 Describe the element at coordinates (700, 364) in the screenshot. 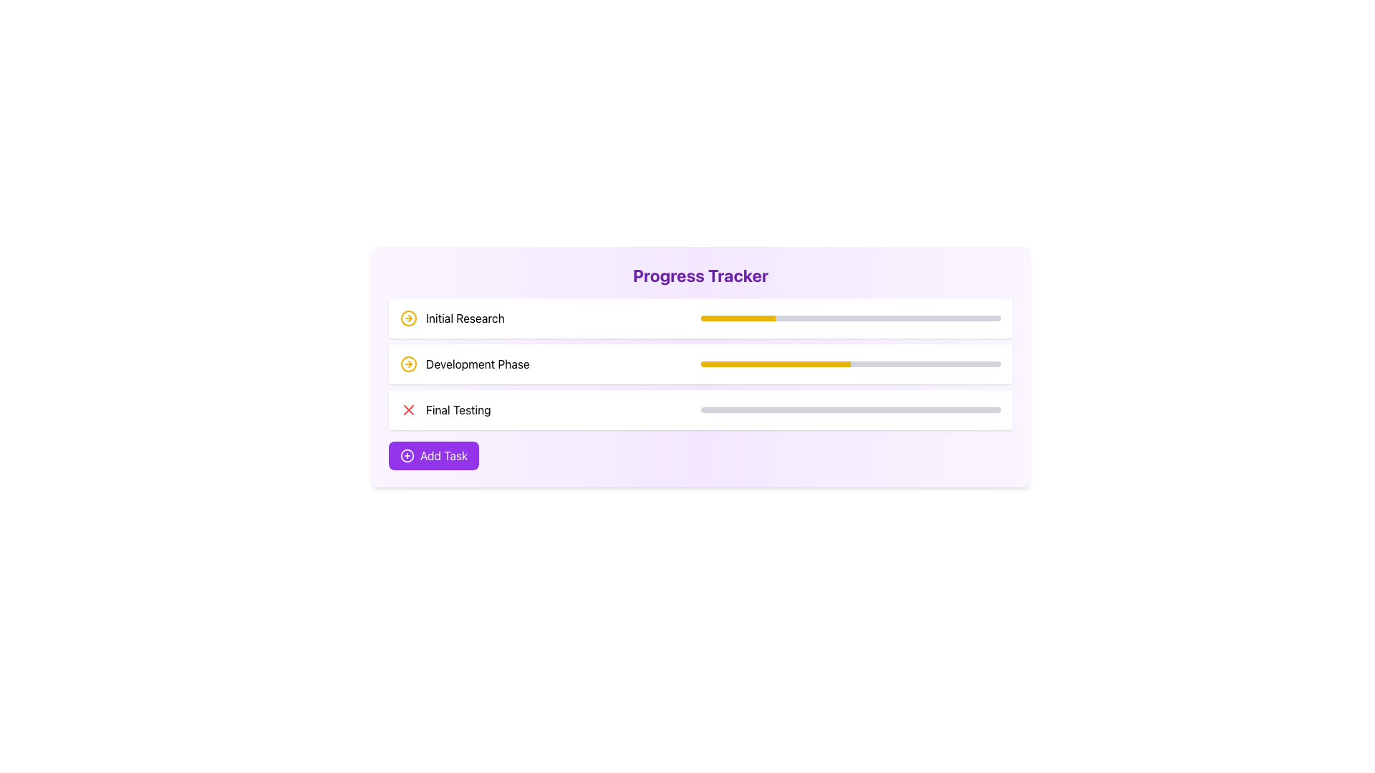

I see `the tasks and their progress in the Progress Tracker Section, which displays the progress of various tasks with a yellow progress bar over a gray background` at that location.